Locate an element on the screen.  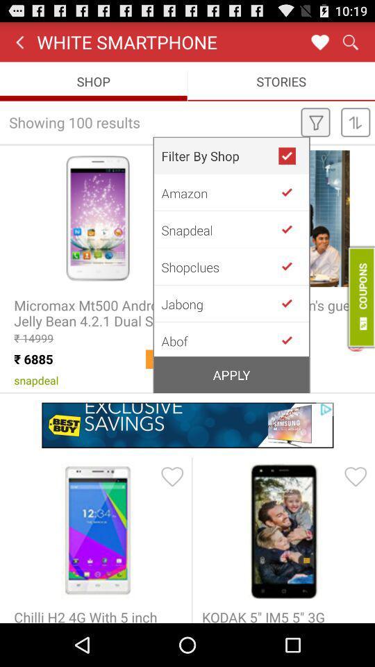
item below snapdeal app is located at coordinates (219, 266).